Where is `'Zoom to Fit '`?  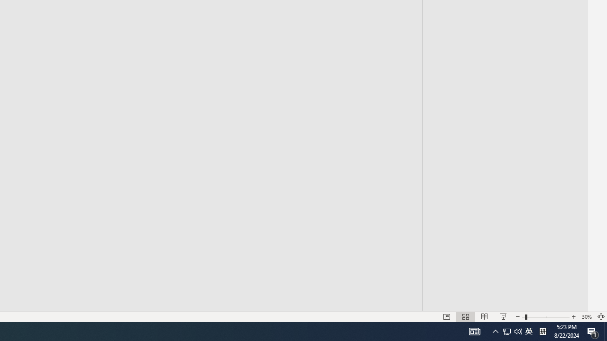
'Zoom to Fit ' is located at coordinates (600, 317).